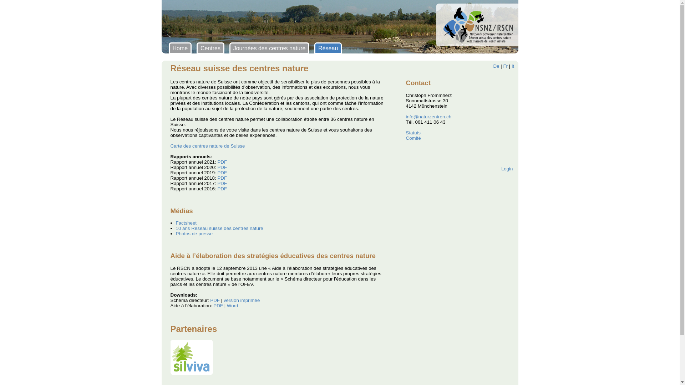 The height and width of the screenshot is (385, 685). What do you see at coordinates (428, 116) in the screenshot?
I see `'info@naturzentren.ch'` at bounding box center [428, 116].